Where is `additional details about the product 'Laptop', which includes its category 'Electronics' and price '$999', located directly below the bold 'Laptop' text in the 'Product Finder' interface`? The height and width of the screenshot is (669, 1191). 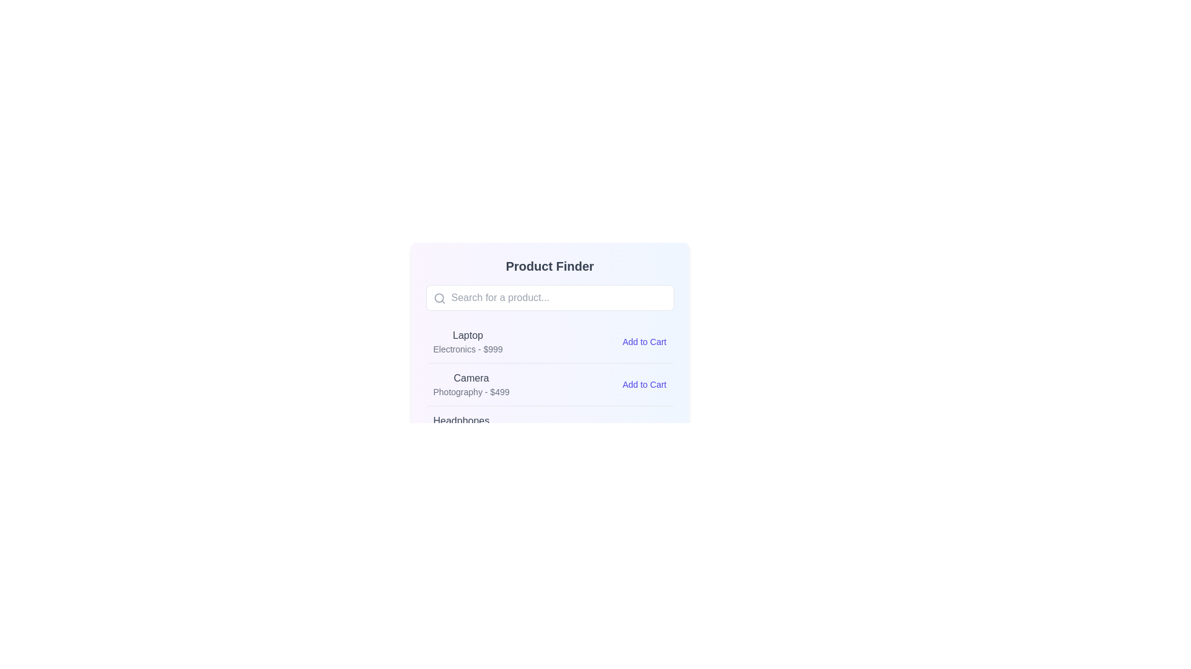
additional details about the product 'Laptop', which includes its category 'Electronics' and price '$999', located directly below the bold 'Laptop' text in the 'Product Finder' interface is located at coordinates (467, 349).